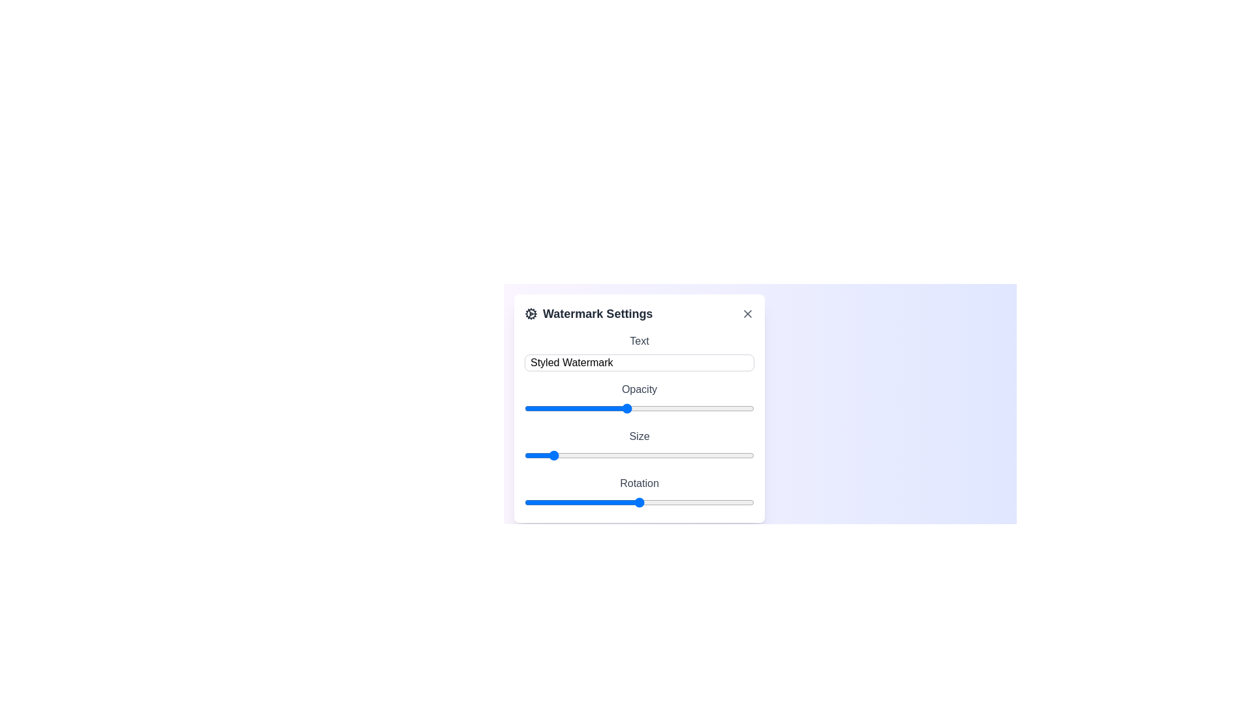 The height and width of the screenshot is (705, 1253). Describe the element at coordinates (639, 455) in the screenshot. I see `size` at that location.